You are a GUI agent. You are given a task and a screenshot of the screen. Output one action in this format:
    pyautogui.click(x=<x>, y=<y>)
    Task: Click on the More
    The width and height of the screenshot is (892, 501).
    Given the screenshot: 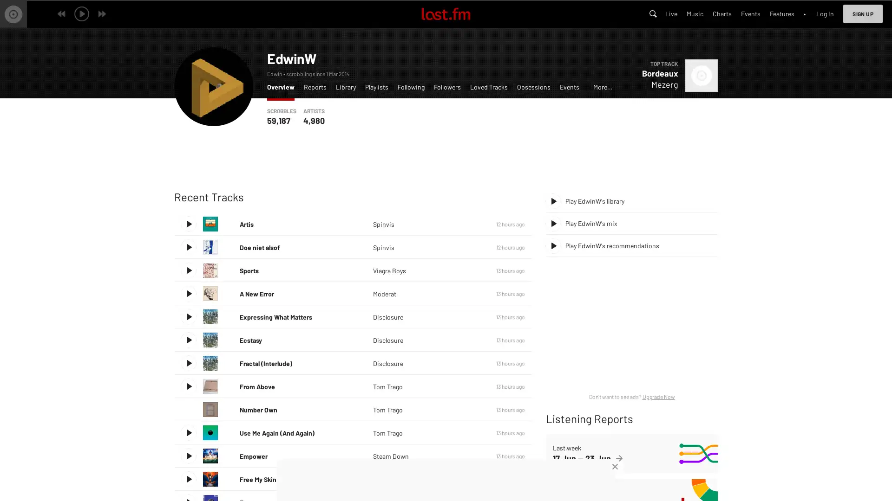 What is the action you would take?
    pyautogui.click(x=468, y=456)
    